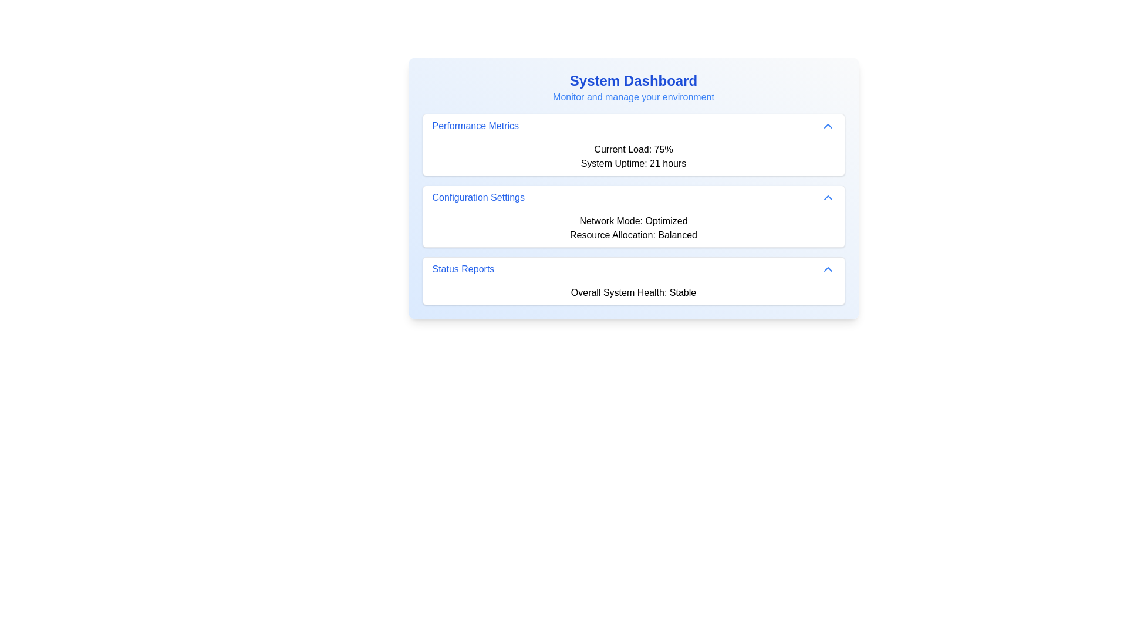 This screenshot has width=1127, height=634. Describe the element at coordinates (633, 228) in the screenshot. I see `the 'Network Mode: Optimized' and 'Resource Allocation: Balanced' text display located in the 'Configuration Settings' section of the dashboard` at that location.